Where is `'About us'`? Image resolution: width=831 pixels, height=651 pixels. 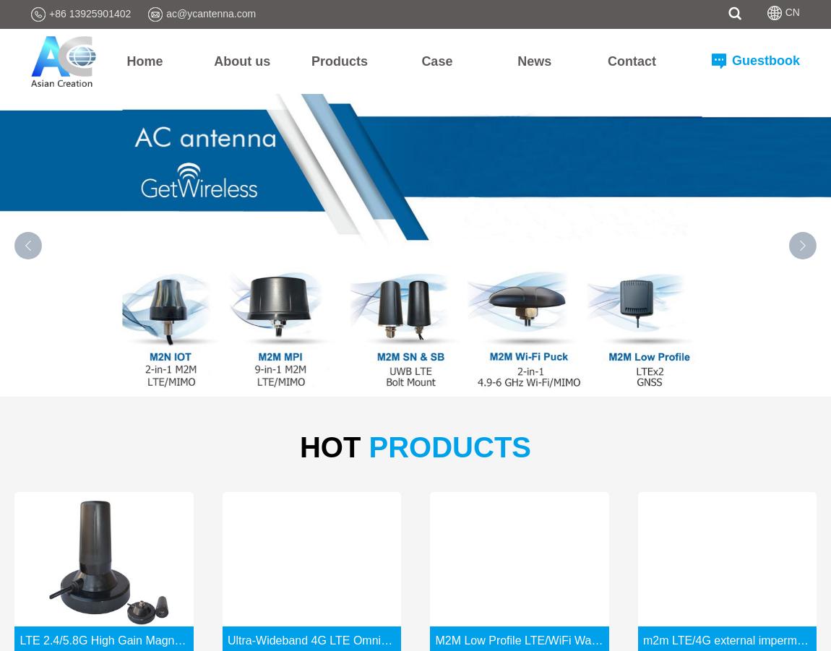 'About us' is located at coordinates (241, 59).